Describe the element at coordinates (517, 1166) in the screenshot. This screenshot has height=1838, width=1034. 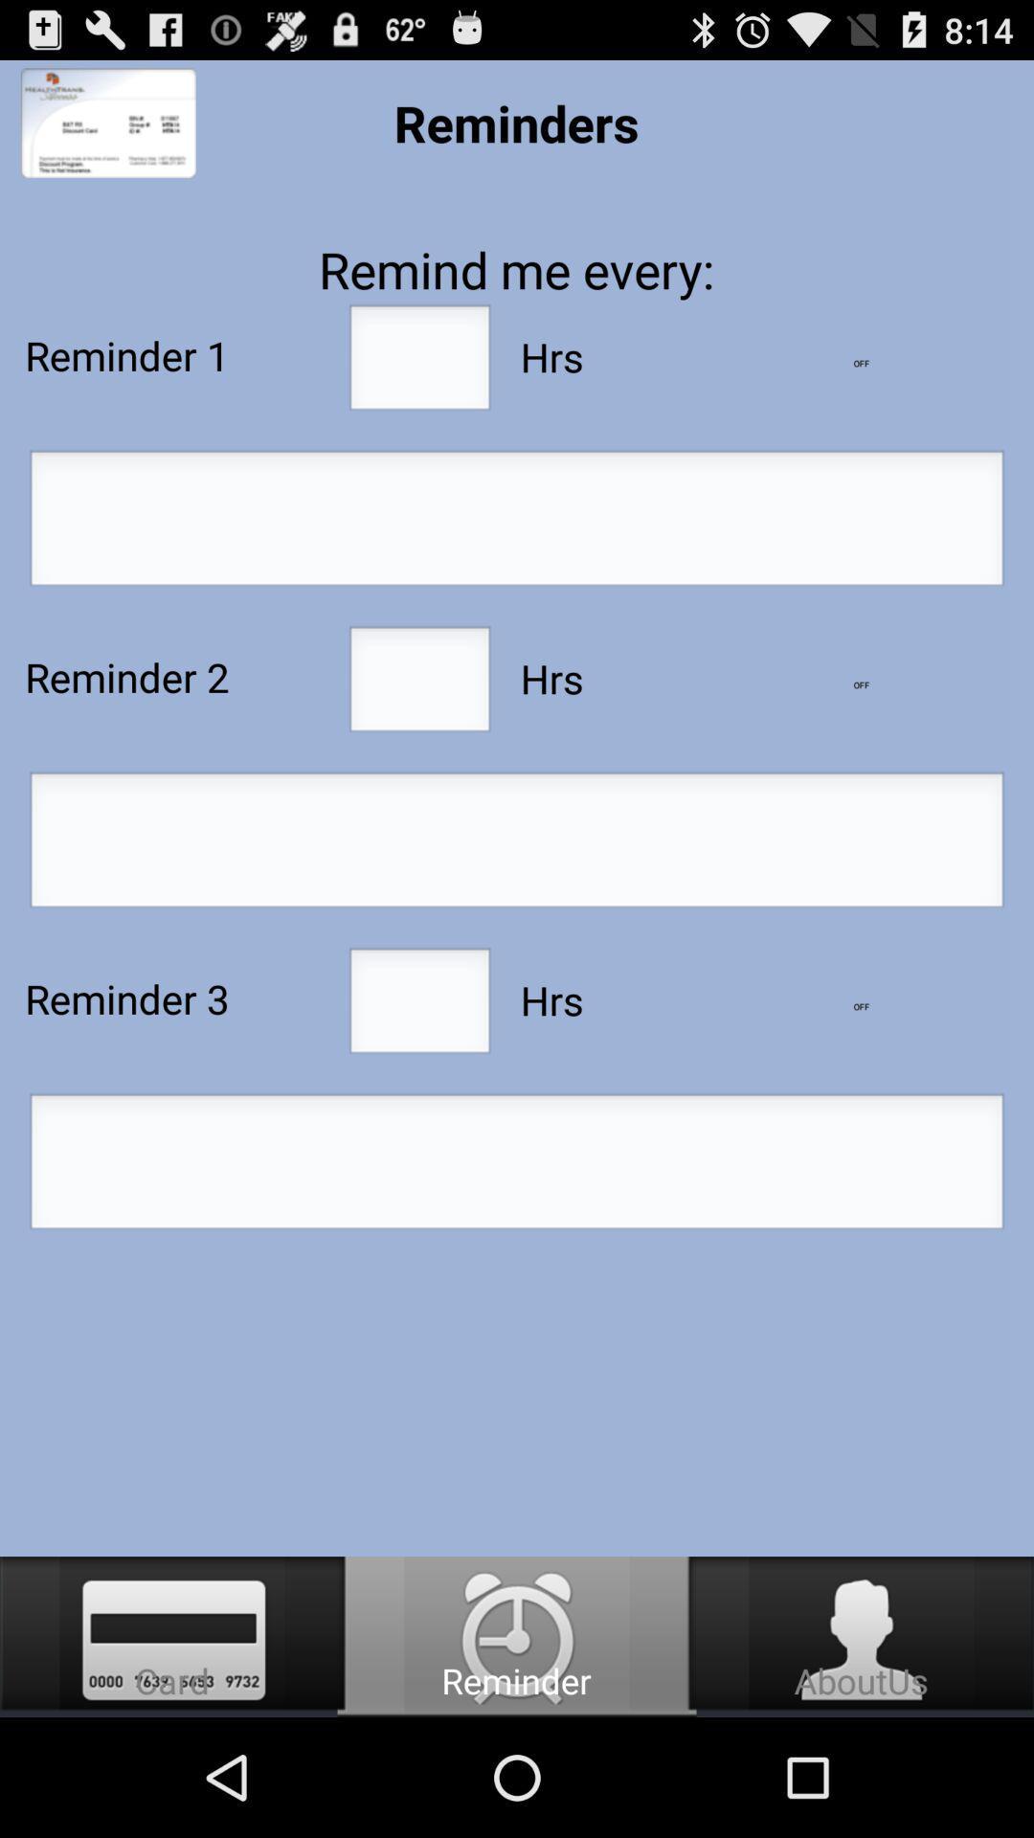
I see `set time for reminder` at that location.